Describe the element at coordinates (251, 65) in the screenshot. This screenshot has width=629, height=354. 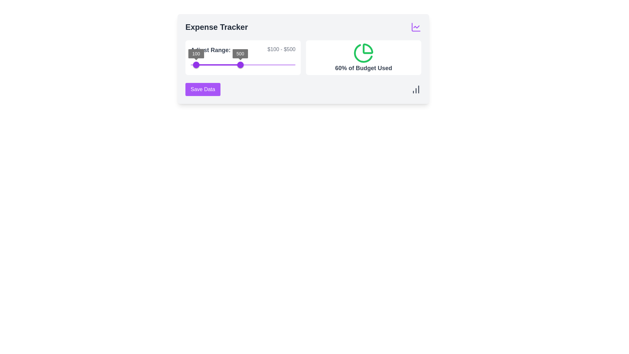
I see `the slider` at that location.